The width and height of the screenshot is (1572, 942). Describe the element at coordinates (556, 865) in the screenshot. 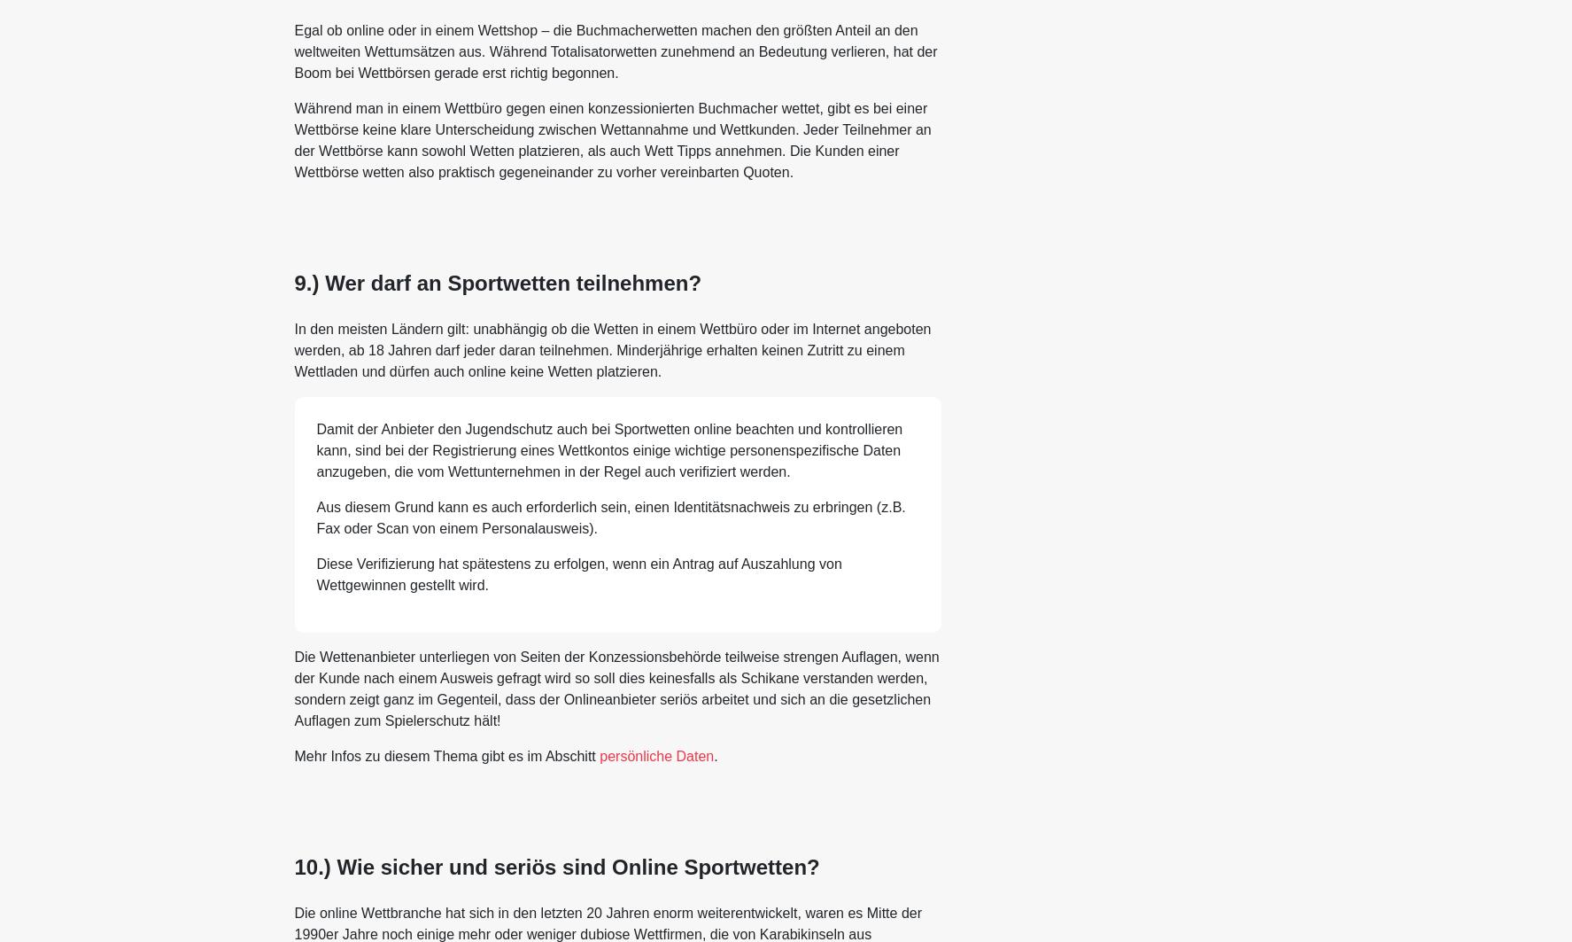

I see `'10.) Wie sicher und seriös sind Online Sportwetten?'` at that location.